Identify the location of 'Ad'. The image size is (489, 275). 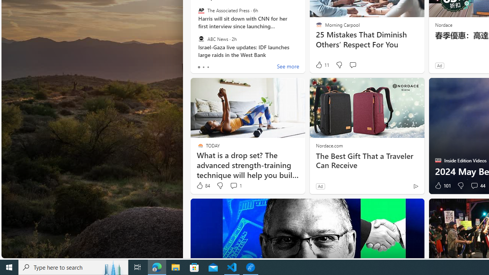
(320, 186).